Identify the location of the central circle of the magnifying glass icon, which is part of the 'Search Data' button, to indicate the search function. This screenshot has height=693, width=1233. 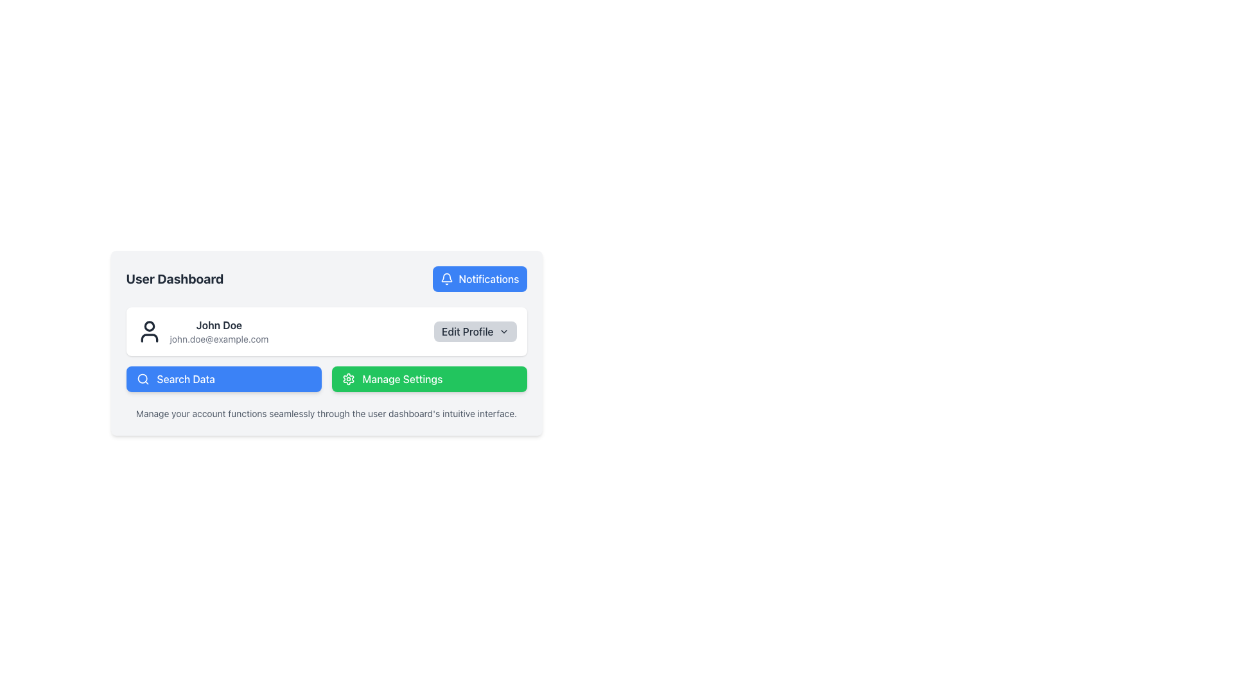
(142, 378).